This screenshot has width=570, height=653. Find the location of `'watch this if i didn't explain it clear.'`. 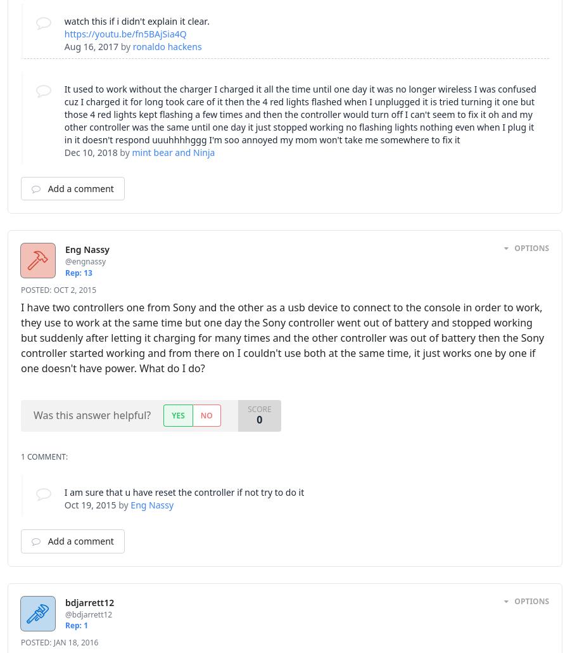

'watch this if i didn't explain it clear.' is located at coordinates (136, 20).